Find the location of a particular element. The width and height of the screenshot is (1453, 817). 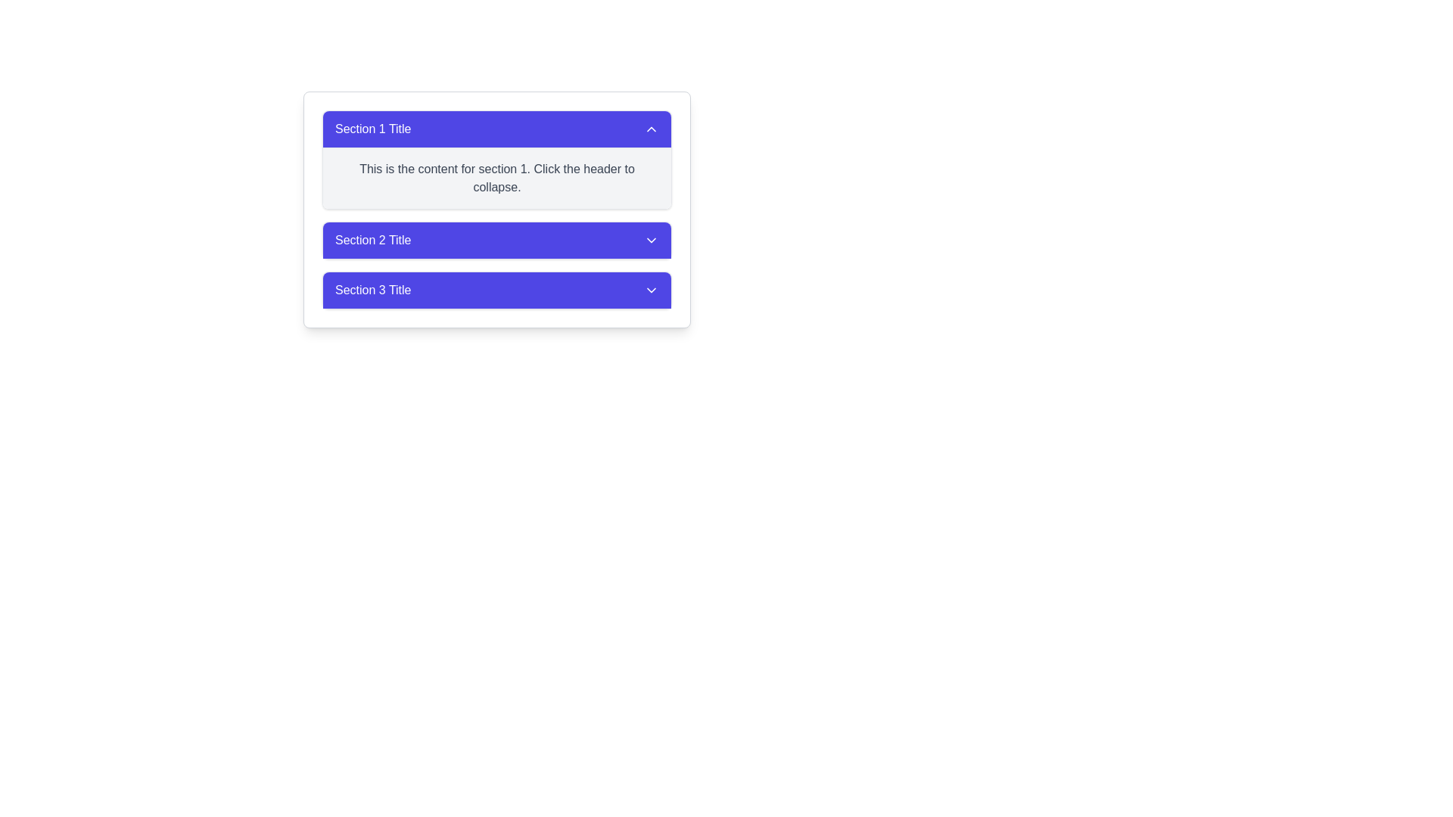

text label displaying 'Section 1 Title', which is styled within a blue header bar and is left-aligned is located at coordinates (373, 128).